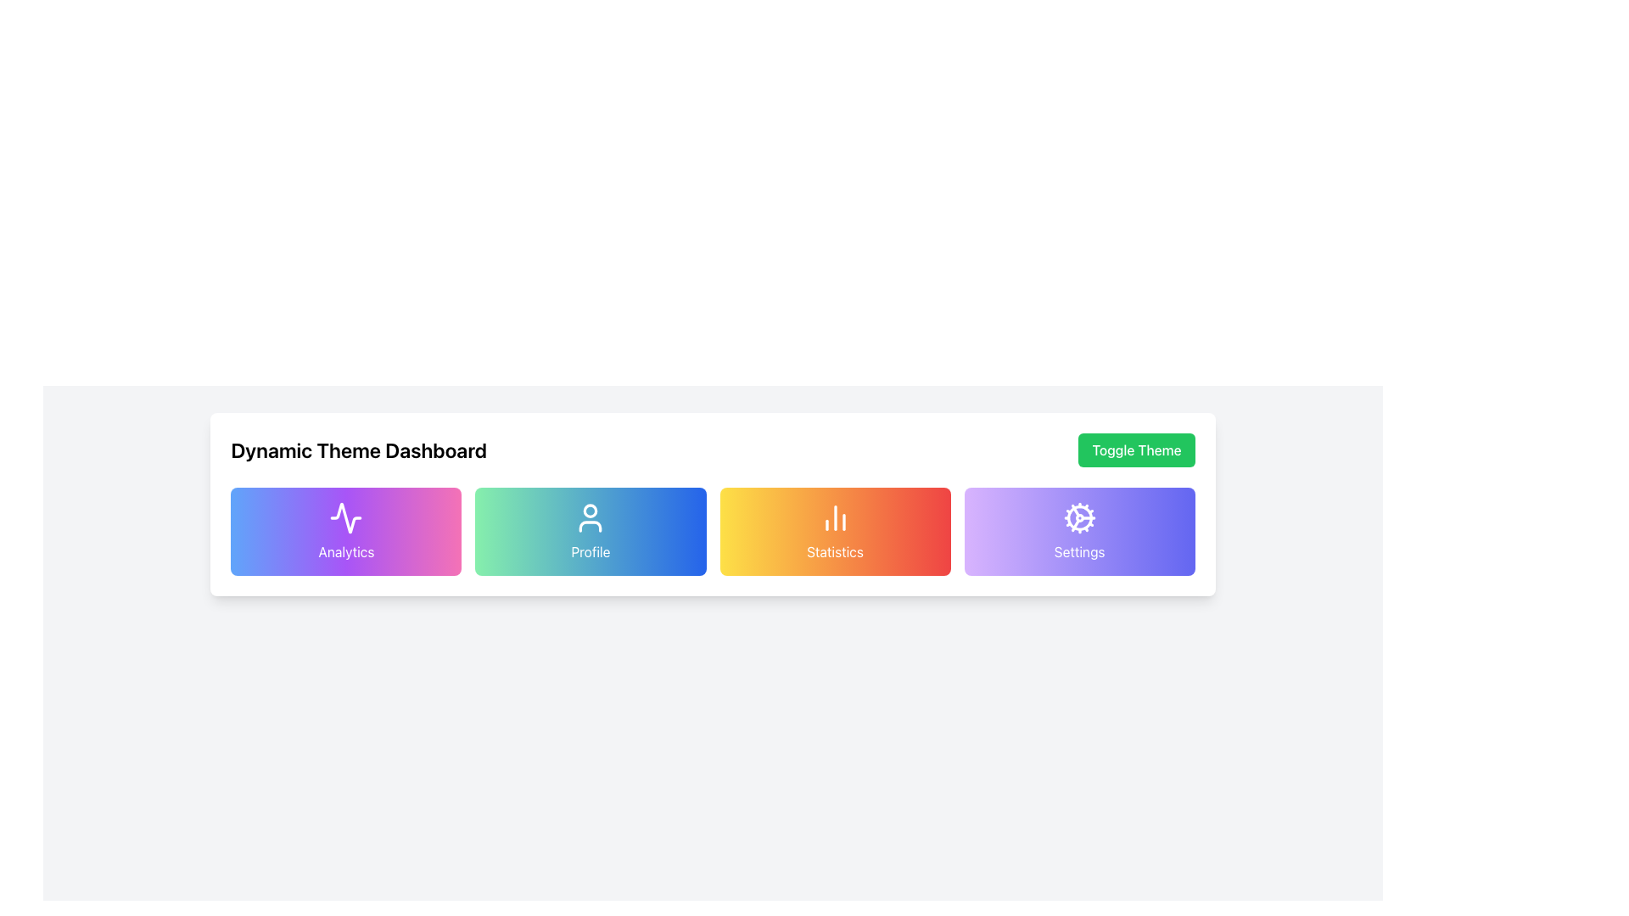  I want to click on the 'Statistics' button, which is a rectangular button with a gradient background from yellow to red, containing a bar chart icon and the label 'Statistics' beneath it, so click(835, 531).